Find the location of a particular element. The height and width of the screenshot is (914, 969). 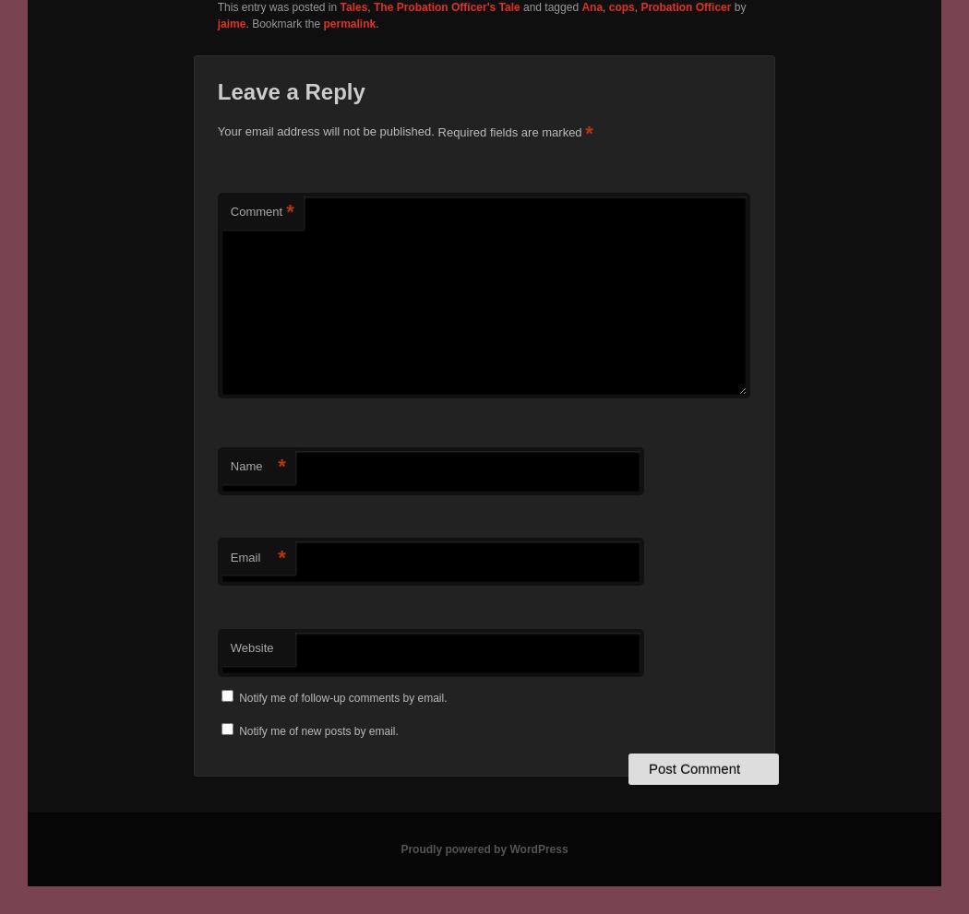

'and tagged' is located at coordinates (549, 6).